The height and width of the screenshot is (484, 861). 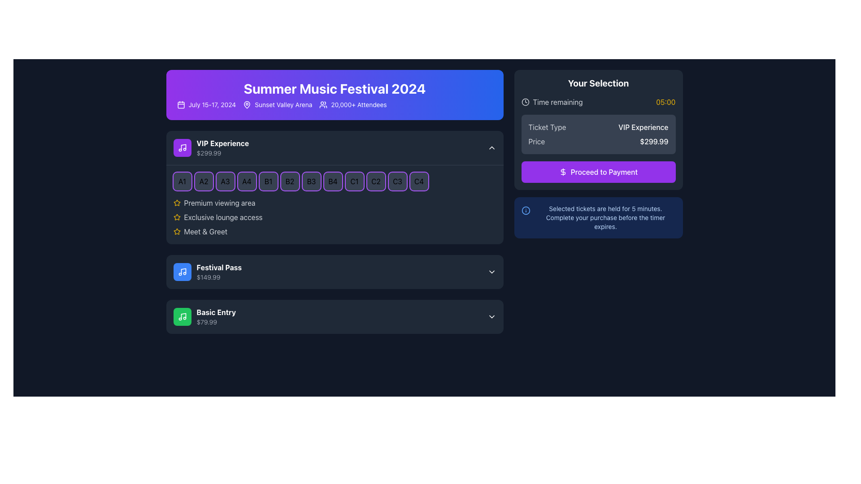 I want to click on the informational Text Label that provides a time-sensitive warning about ticket reservations, located in the bottom-right section of the interface below 'Your Selection', so click(x=605, y=218).